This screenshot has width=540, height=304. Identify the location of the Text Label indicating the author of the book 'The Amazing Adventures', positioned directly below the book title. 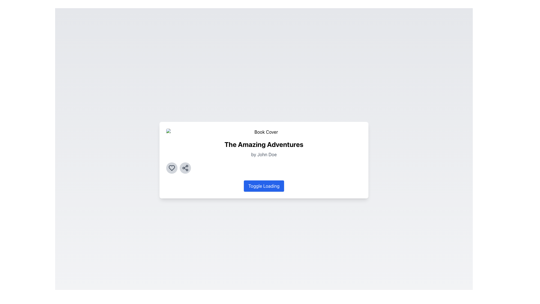
(264, 154).